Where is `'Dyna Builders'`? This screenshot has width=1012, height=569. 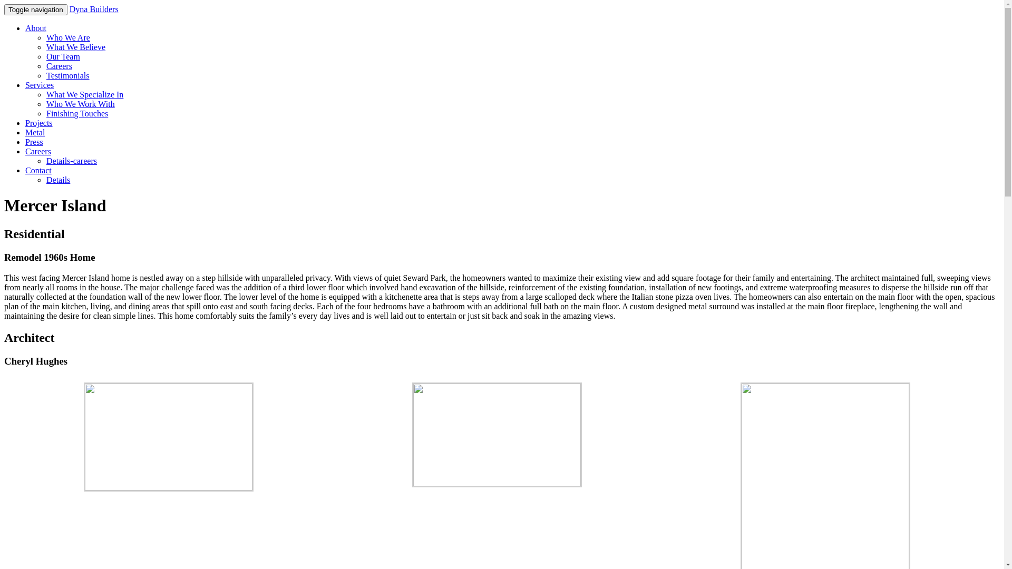
'Dyna Builders' is located at coordinates (69, 9).